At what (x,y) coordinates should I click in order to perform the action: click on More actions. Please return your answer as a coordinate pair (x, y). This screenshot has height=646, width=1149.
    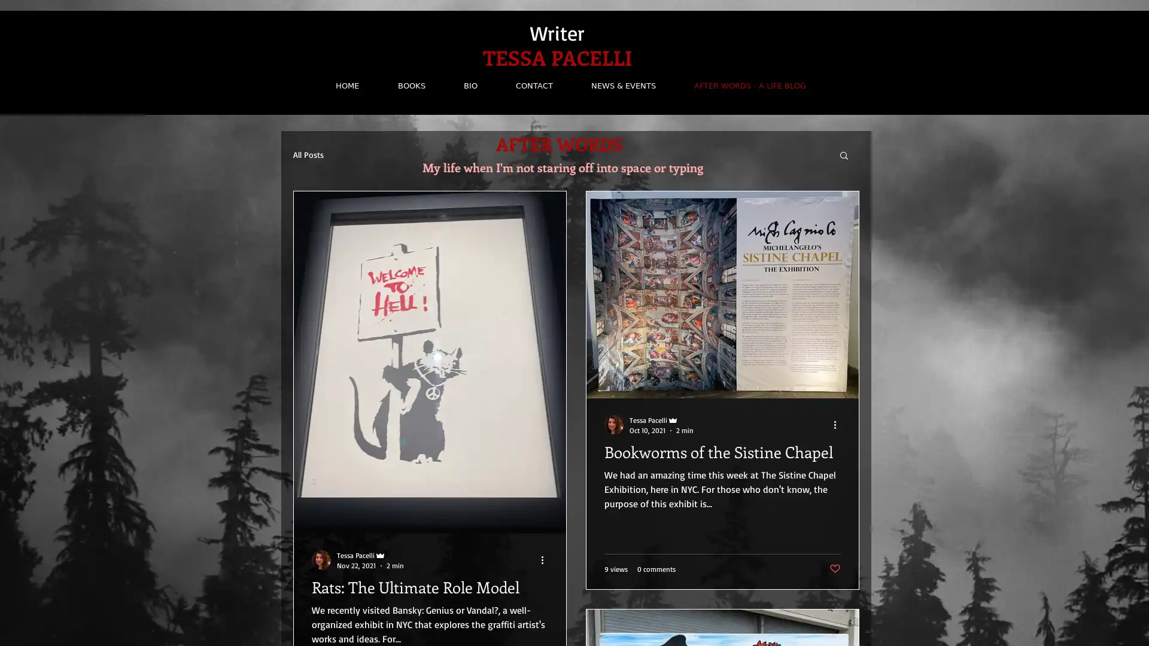
    Looking at the image, I should click on (838, 423).